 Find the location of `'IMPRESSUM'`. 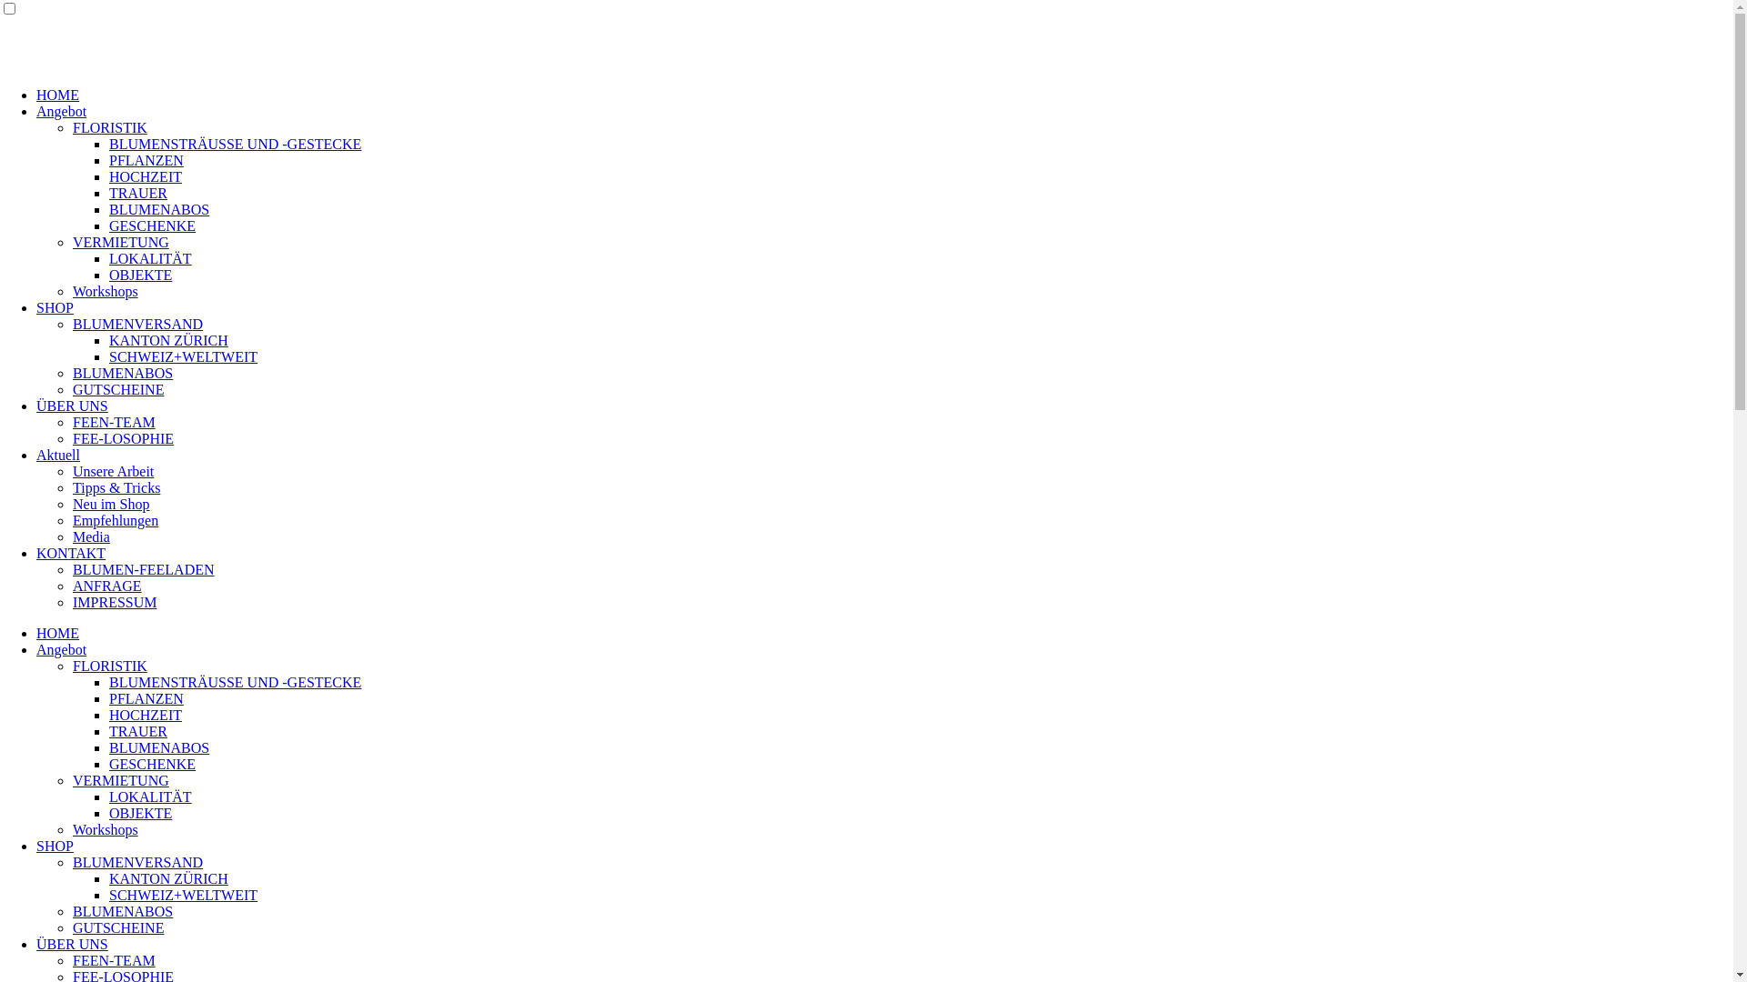

'IMPRESSUM' is located at coordinates (113, 602).